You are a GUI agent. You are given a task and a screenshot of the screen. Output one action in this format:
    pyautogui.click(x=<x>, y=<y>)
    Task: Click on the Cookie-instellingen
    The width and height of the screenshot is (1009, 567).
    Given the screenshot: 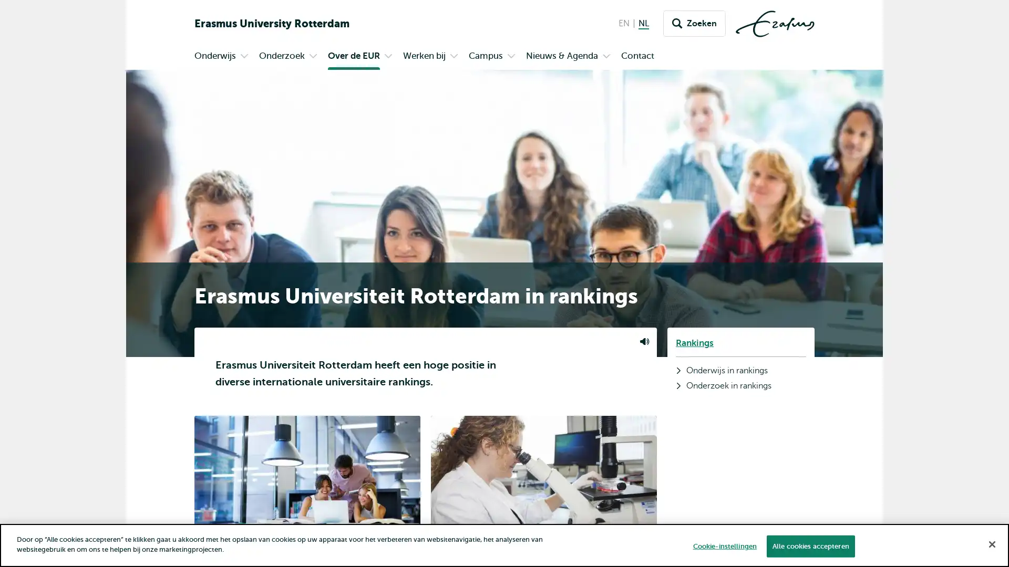 What is the action you would take?
    pyautogui.click(x=724, y=545)
    